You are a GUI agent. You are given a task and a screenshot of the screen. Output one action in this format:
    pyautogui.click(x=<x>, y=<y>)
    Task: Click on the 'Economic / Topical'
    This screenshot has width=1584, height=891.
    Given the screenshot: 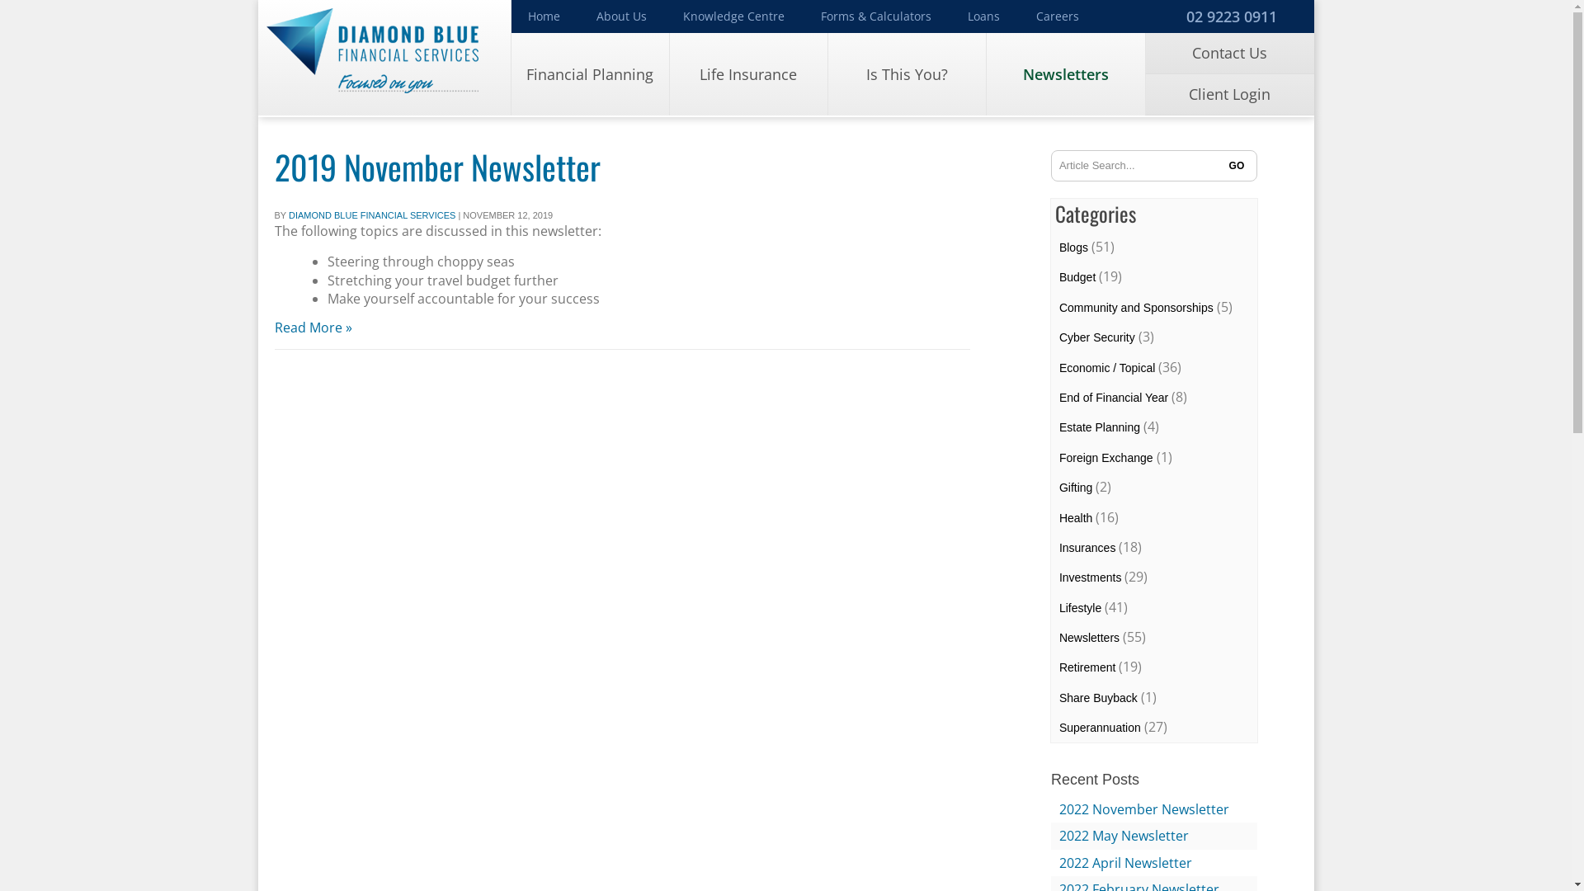 What is the action you would take?
    pyautogui.click(x=1107, y=367)
    